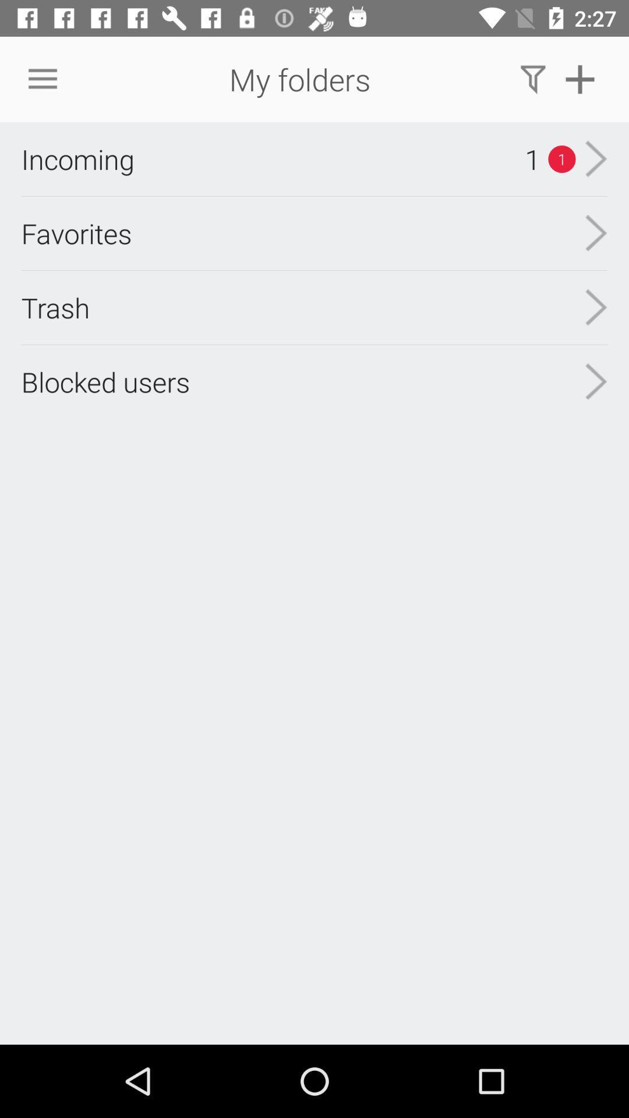 This screenshot has width=629, height=1118. What do you see at coordinates (77, 158) in the screenshot?
I see `the item above favorites` at bounding box center [77, 158].